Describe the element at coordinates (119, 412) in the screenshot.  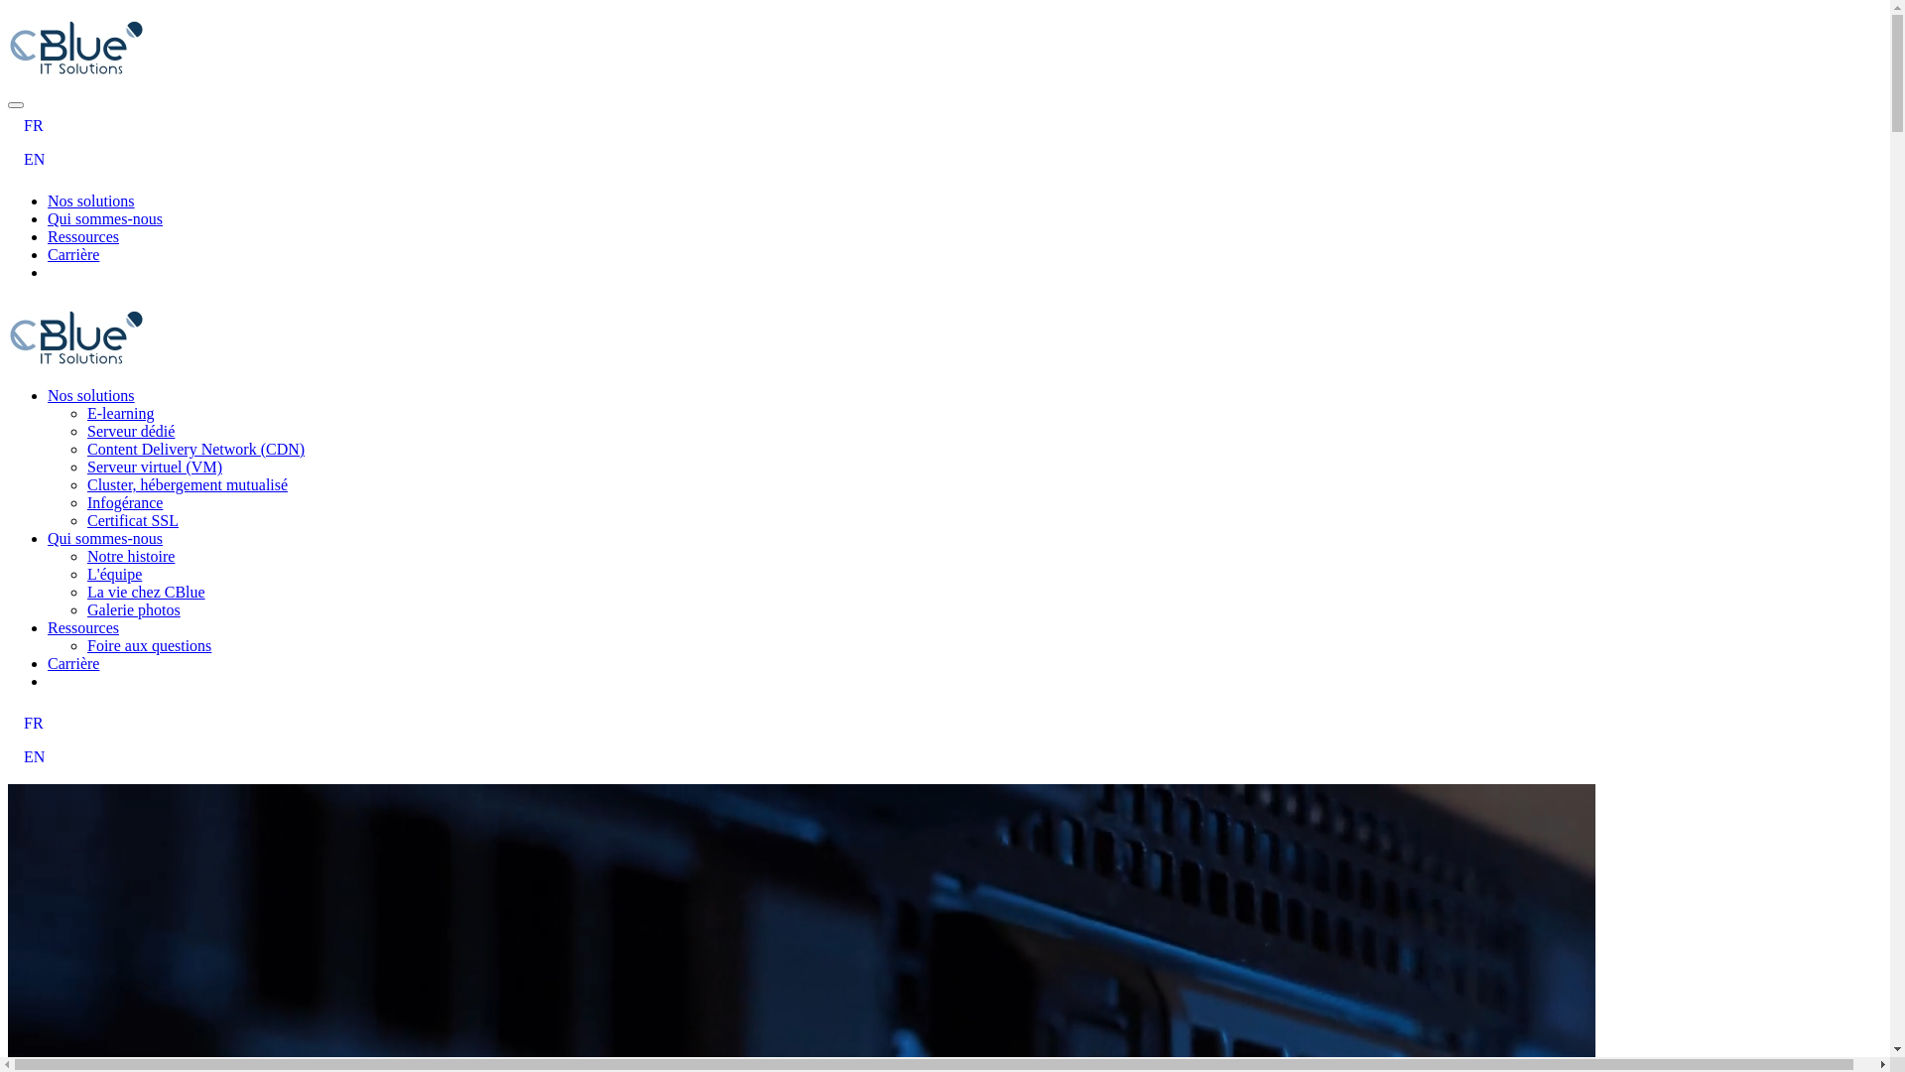
I see `'E-learning'` at that location.